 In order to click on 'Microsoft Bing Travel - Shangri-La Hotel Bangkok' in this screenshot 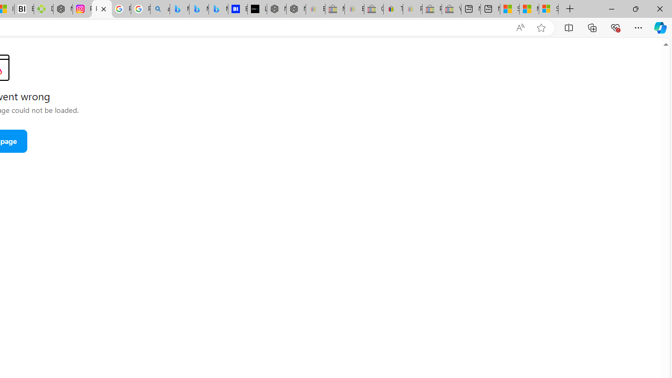, I will do `click(218, 9)`.